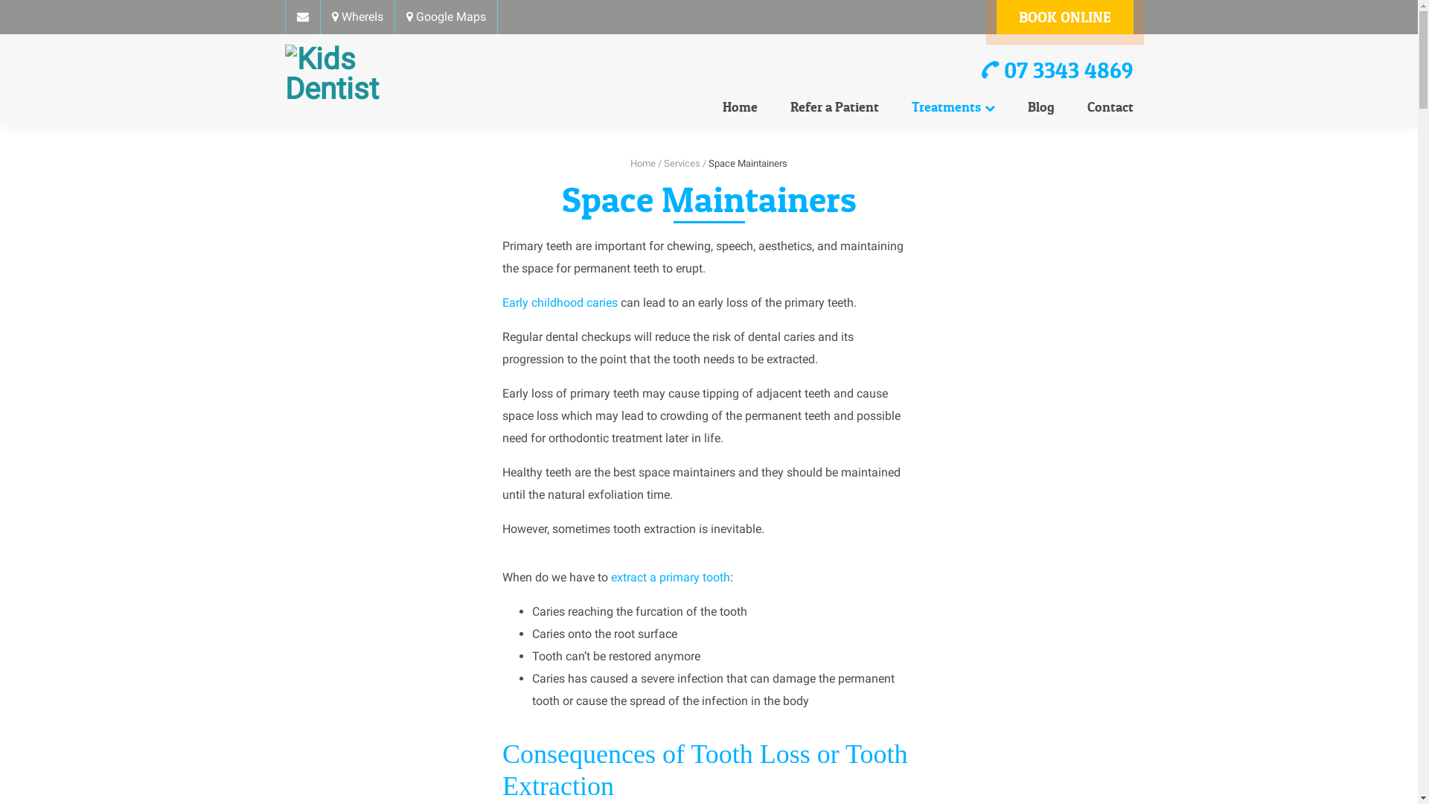 The height and width of the screenshot is (804, 1429). What do you see at coordinates (1102, 106) in the screenshot?
I see `'Contact'` at bounding box center [1102, 106].